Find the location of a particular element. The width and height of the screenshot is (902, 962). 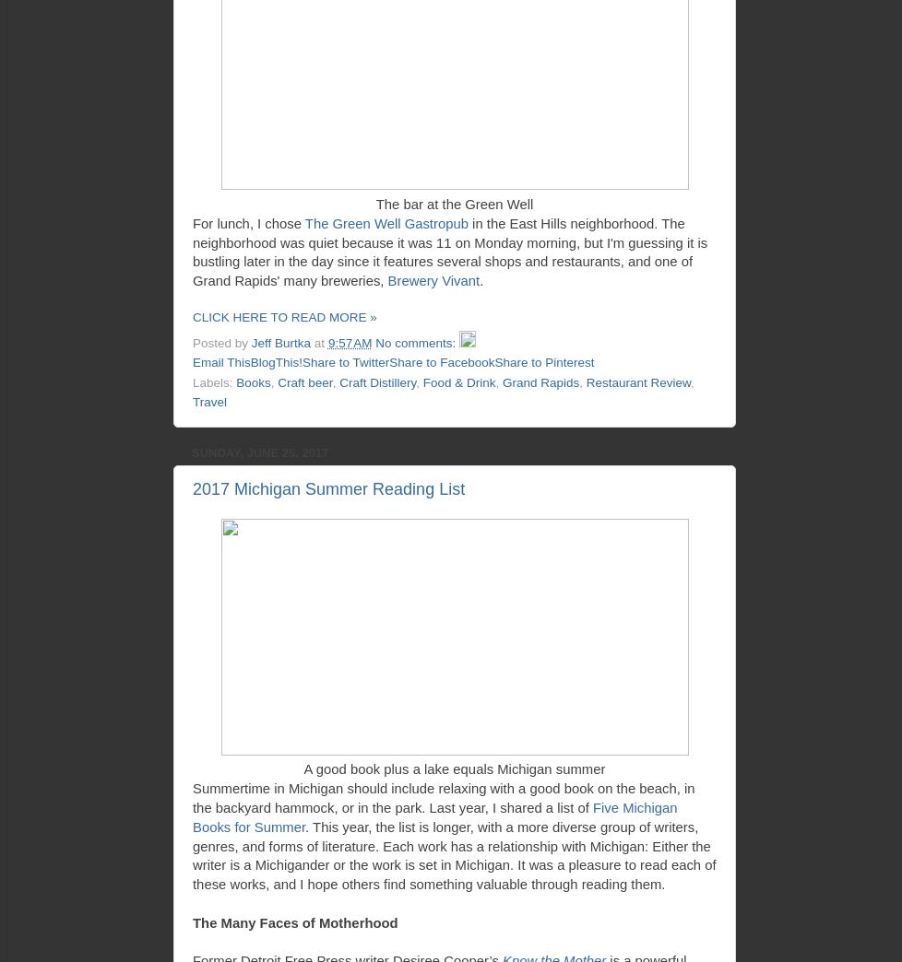

'Grand Rapids' is located at coordinates (540, 381).